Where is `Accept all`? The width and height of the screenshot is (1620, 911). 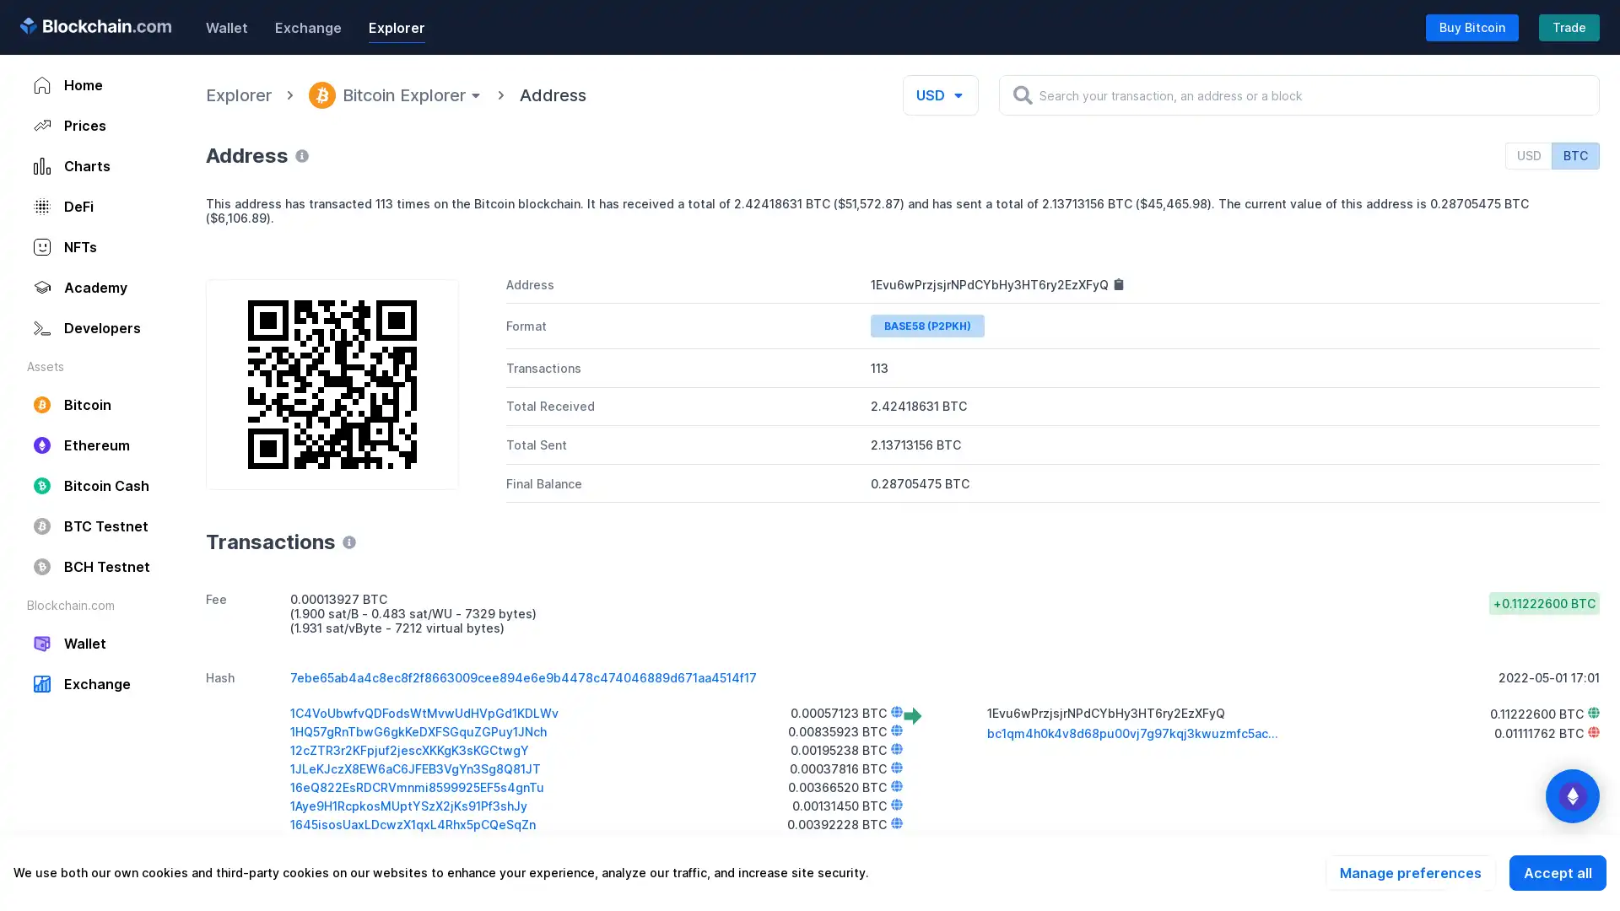
Accept all is located at coordinates (1557, 872).